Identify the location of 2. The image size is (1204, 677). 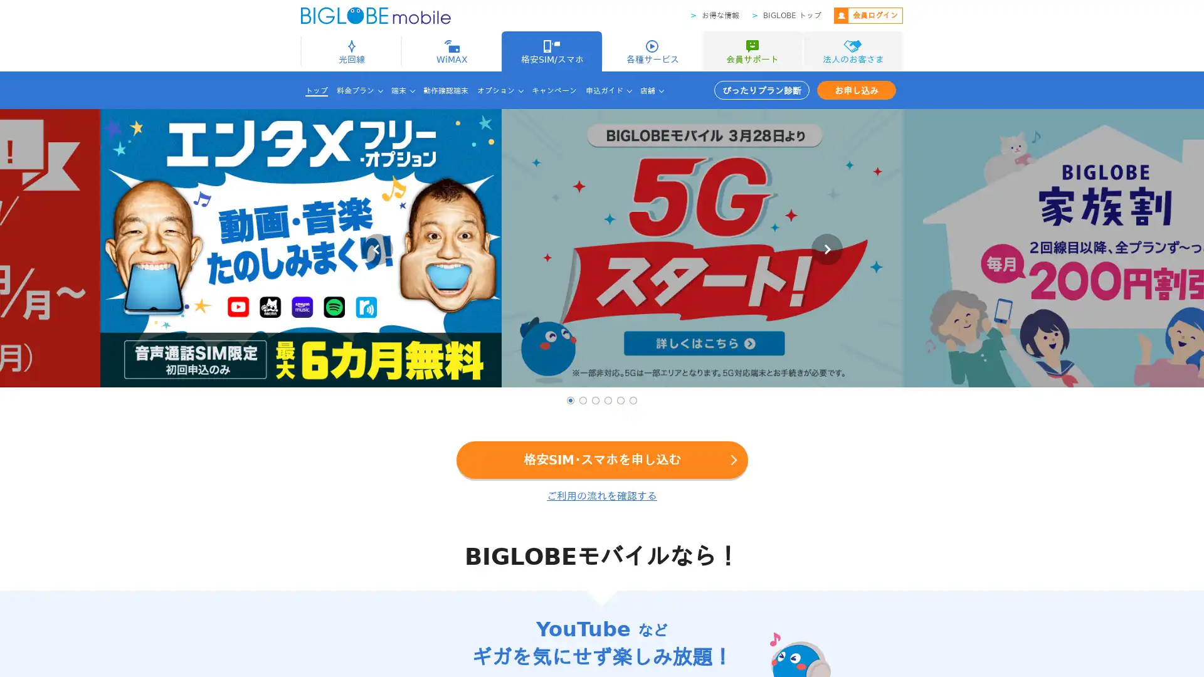
(583, 401).